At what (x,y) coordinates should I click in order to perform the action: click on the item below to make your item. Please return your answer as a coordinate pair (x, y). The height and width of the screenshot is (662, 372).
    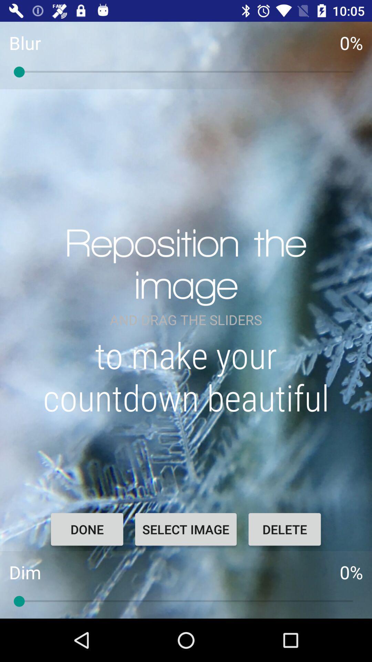
    Looking at the image, I should click on (185, 529).